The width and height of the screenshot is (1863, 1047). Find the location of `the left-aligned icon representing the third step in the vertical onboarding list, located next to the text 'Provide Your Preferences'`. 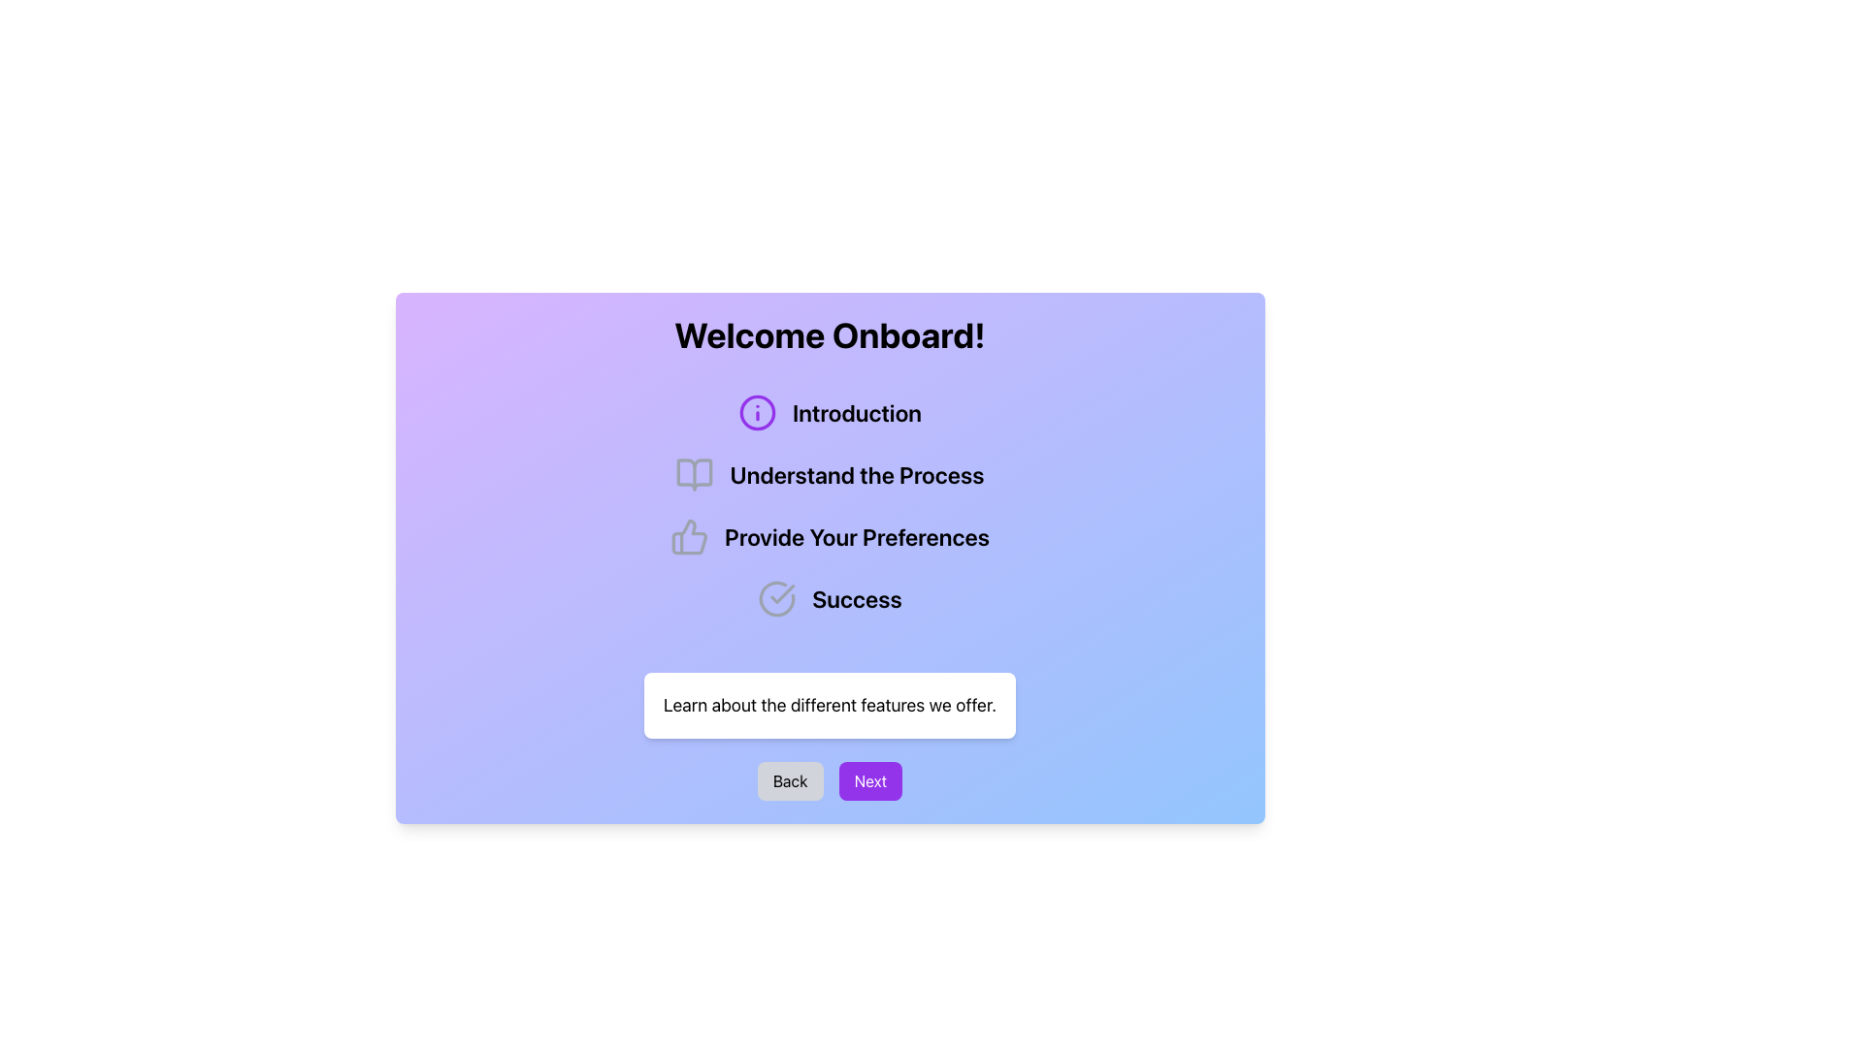

the left-aligned icon representing the third step in the vertical onboarding list, located next to the text 'Provide Your Preferences' is located at coordinates (689, 537).